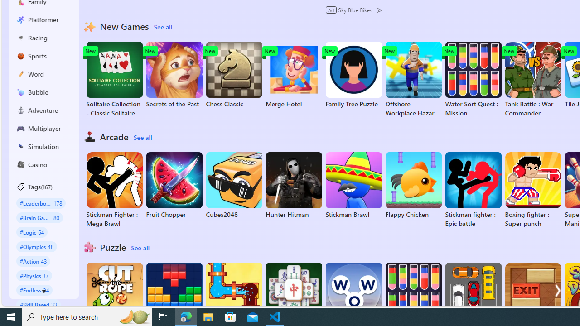  Describe the element at coordinates (34, 290) in the screenshot. I see `'#Endless 34'` at that location.